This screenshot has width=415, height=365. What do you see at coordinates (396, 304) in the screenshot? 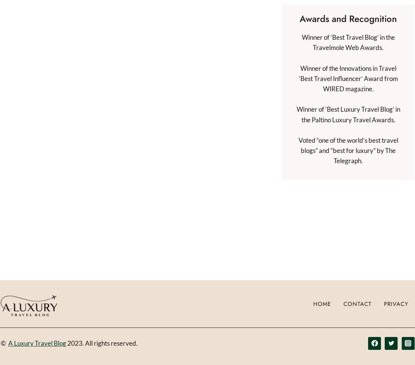
I see `'Privacy'` at bounding box center [396, 304].